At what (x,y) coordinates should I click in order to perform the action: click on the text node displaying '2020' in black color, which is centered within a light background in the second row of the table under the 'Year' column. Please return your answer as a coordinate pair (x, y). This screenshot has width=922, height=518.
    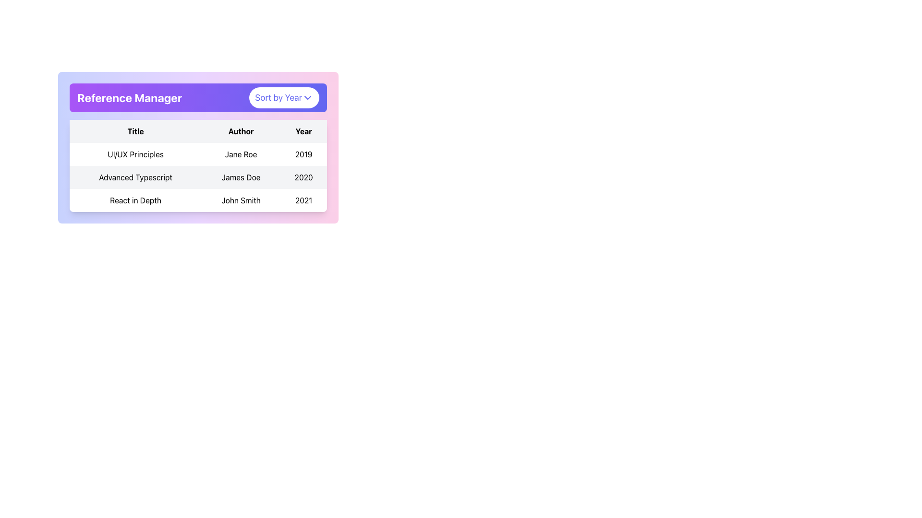
    Looking at the image, I should click on (303, 177).